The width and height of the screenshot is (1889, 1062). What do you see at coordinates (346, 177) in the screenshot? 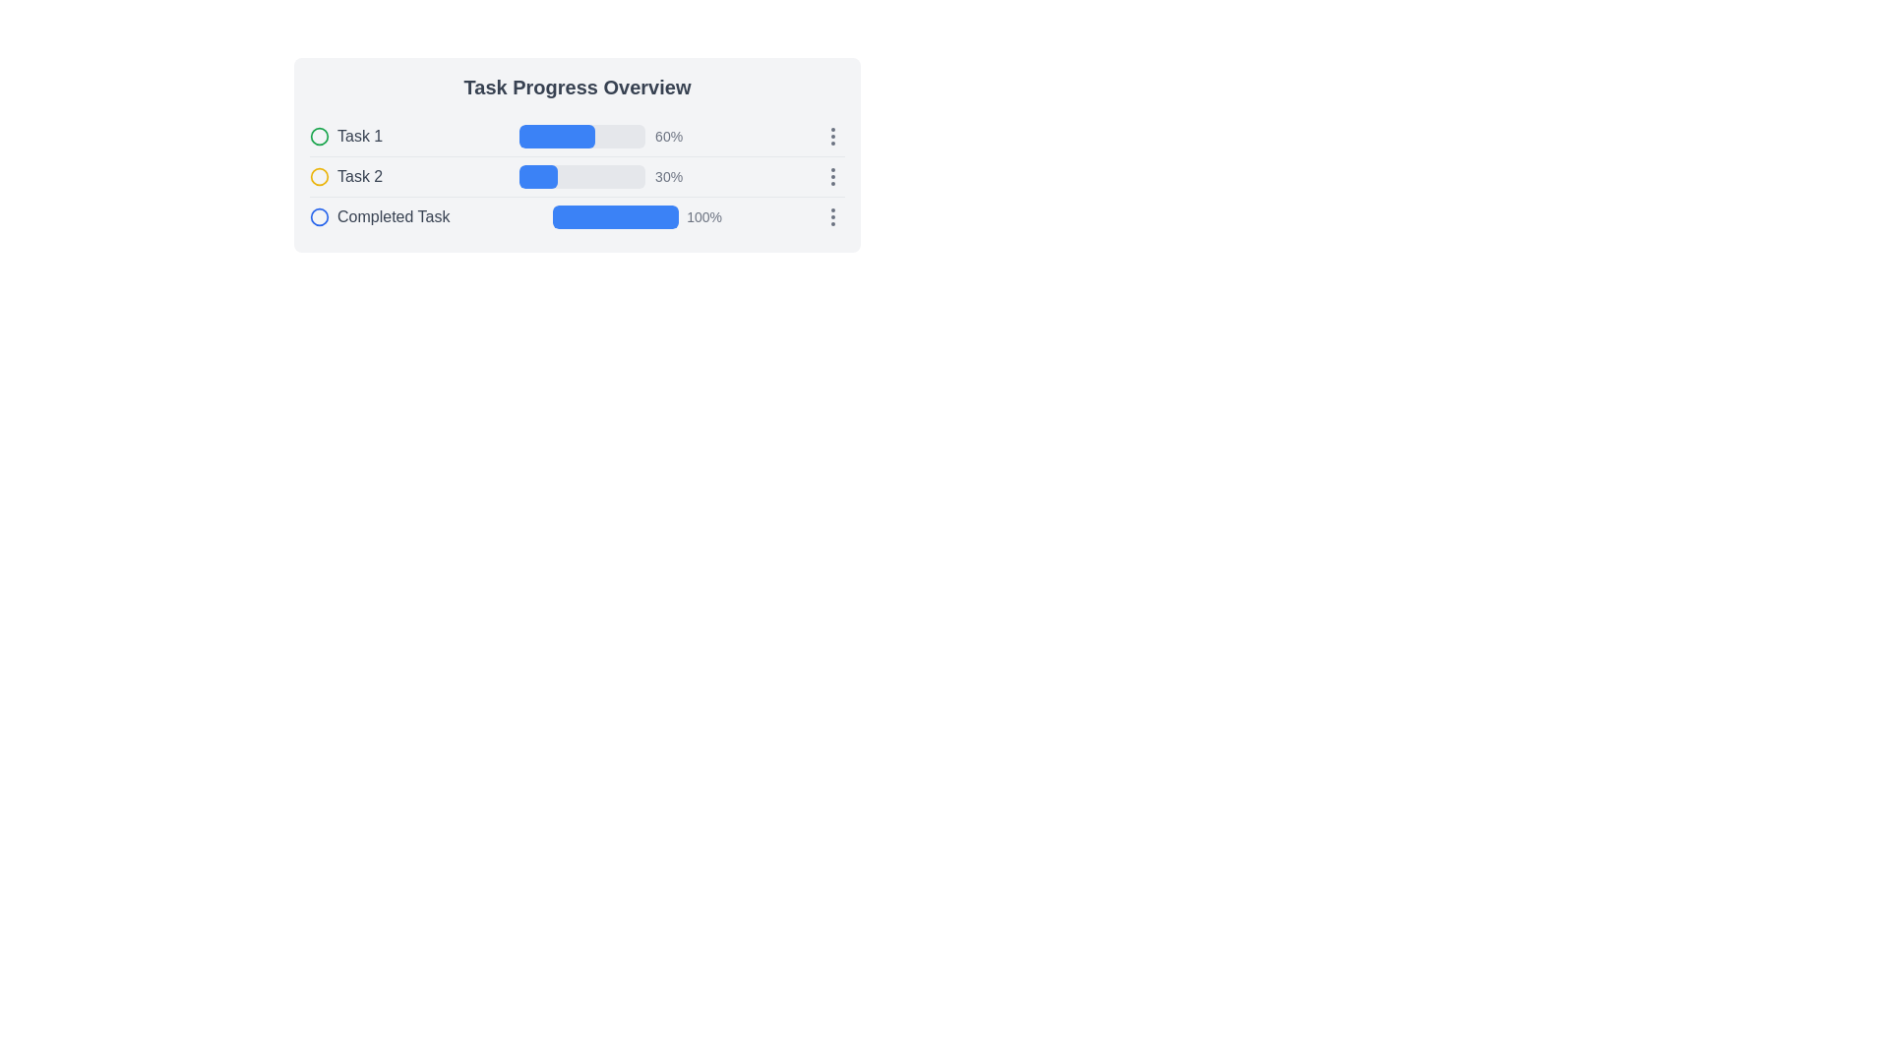
I see `the second list item in the 'Task Progress Overview' that displays the text 'Task 2'` at bounding box center [346, 177].